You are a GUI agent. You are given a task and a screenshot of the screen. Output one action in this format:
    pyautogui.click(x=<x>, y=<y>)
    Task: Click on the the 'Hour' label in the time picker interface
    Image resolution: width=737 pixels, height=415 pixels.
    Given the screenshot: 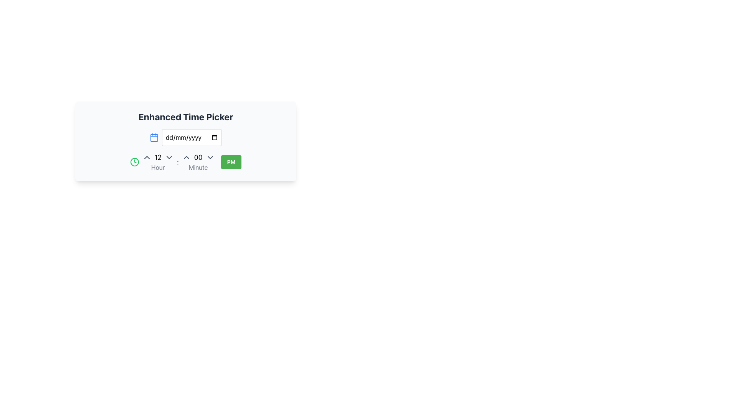 What is the action you would take?
    pyautogui.click(x=157, y=161)
    